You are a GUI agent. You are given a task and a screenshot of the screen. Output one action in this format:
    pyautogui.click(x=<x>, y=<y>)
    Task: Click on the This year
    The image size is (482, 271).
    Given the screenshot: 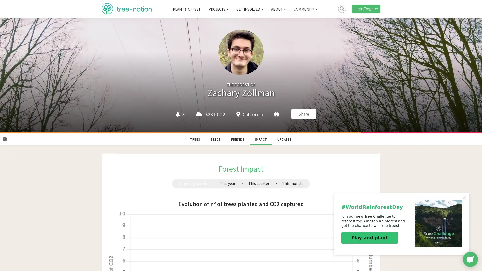 What is the action you would take?
    pyautogui.click(x=227, y=183)
    